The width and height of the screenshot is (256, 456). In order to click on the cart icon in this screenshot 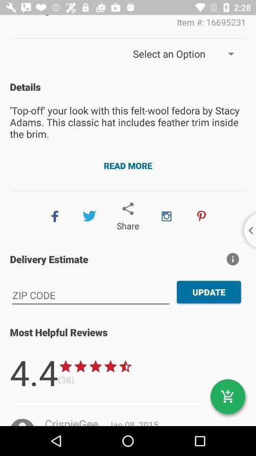, I will do `click(227, 397)`.